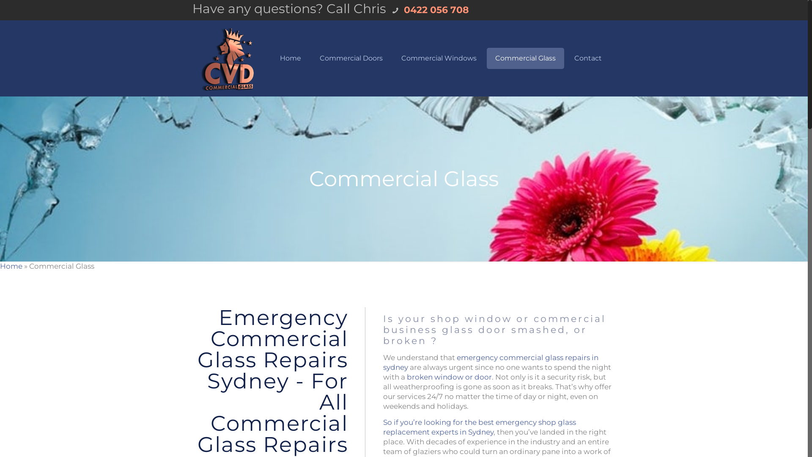 The width and height of the screenshot is (812, 457). I want to click on 'Home', so click(290, 58).